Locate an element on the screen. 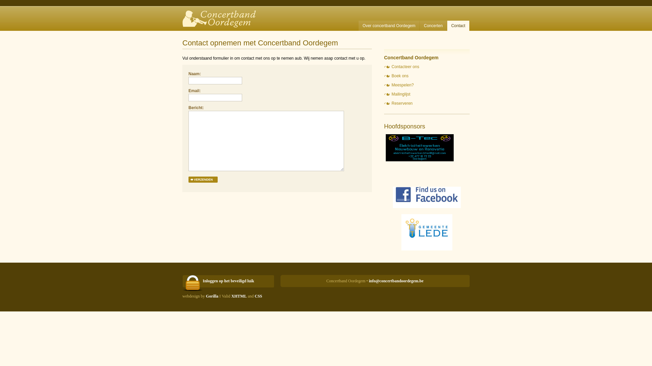 This screenshot has width=652, height=366. 'XHTML' is located at coordinates (231, 296).